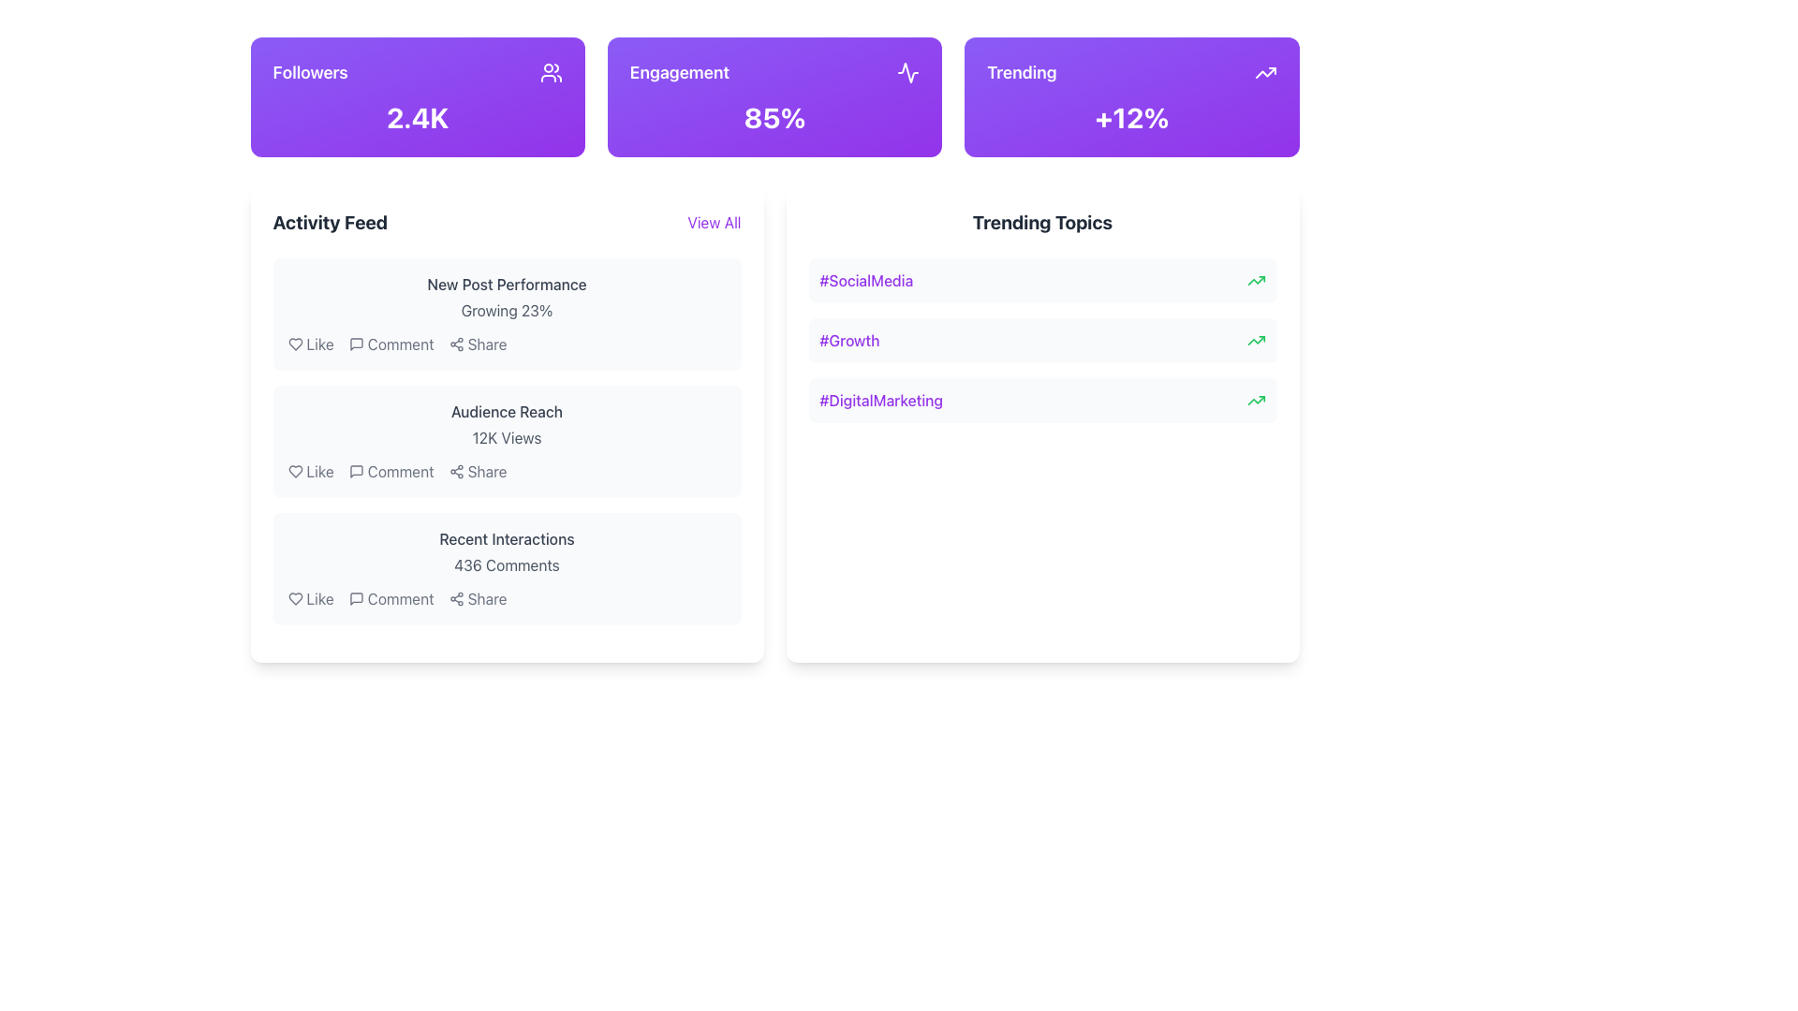 Image resolution: width=1798 pixels, height=1011 pixels. What do you see at coordinates (478, 599) in the screenshot?
I see `the 'Share' button in the 'Recent Interactions' section under the third activity in the 'Activity Feed' panel to change its color` at bounding box center [478, 599].